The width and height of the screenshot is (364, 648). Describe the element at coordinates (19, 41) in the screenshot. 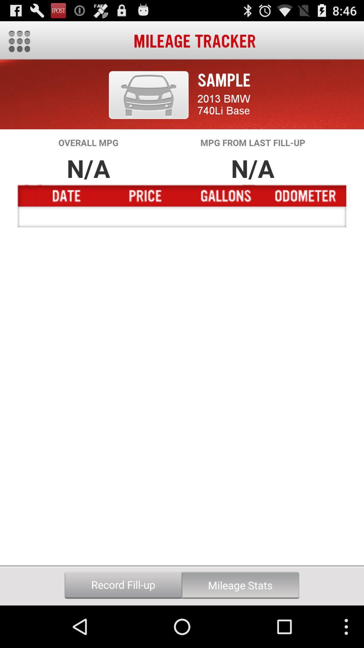

I see `the icon to the left of the mileage tracker app` at that location.